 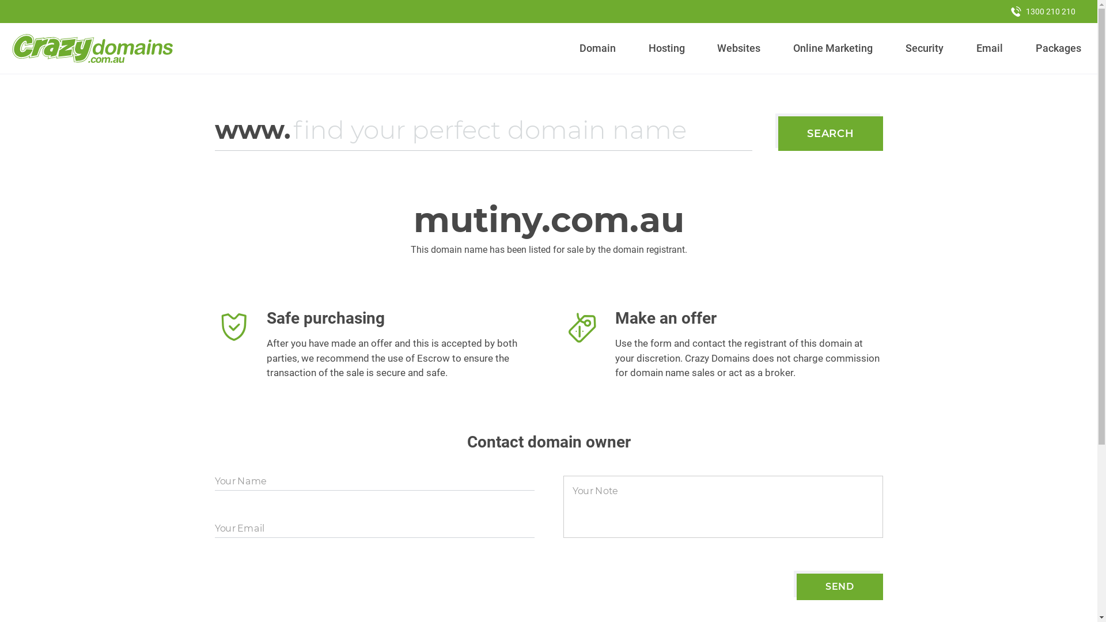 I want to click on 'Hosting', so click(x=666, y=48).